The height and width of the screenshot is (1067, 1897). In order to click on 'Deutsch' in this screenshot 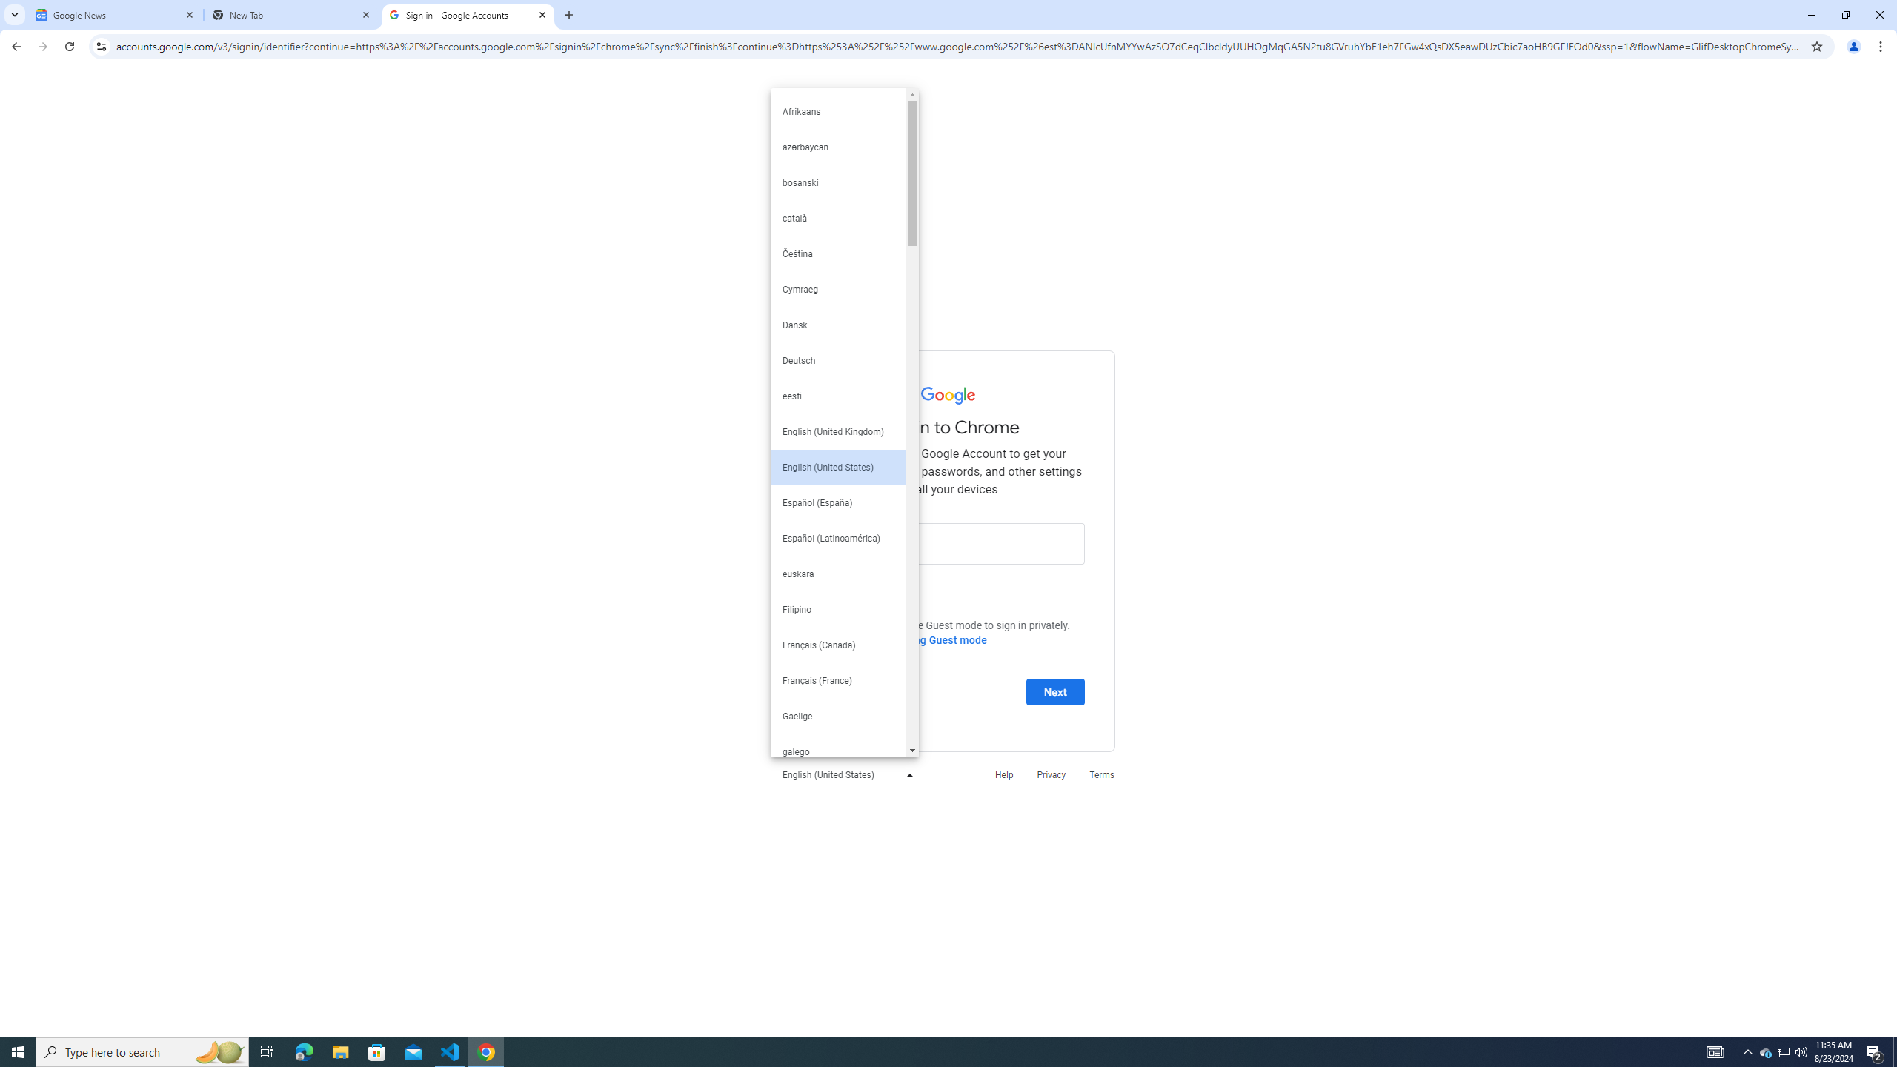, I will do `click(837, 360)`.